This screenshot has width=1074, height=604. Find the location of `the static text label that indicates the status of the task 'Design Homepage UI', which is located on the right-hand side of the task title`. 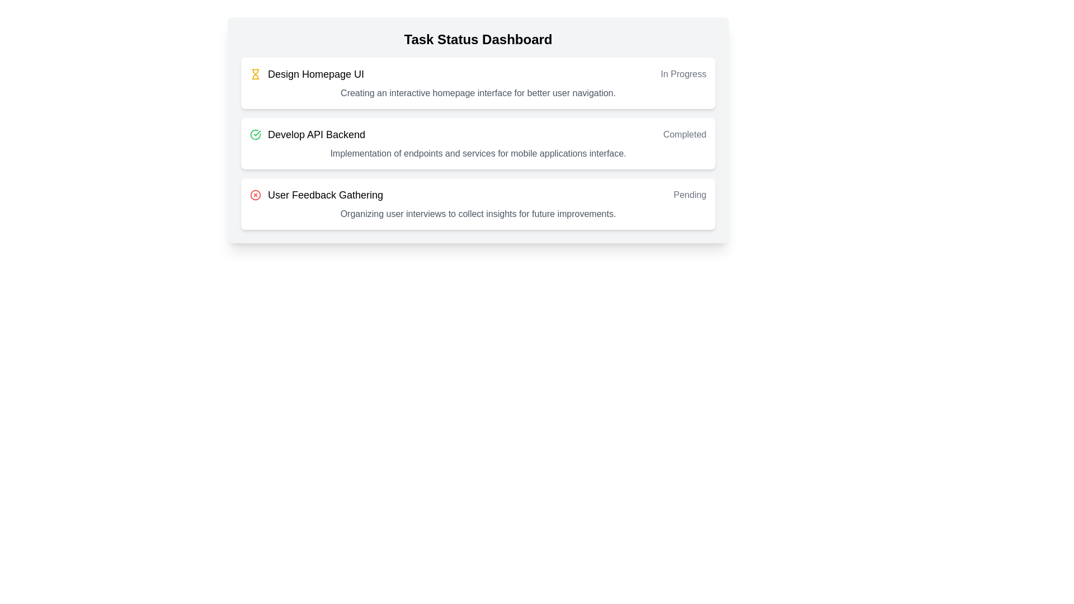

the static text label that indicates the status of the task 'Design Homepage UI', which is located on the right-hand side of the task title is located at coordinates (683, 74).